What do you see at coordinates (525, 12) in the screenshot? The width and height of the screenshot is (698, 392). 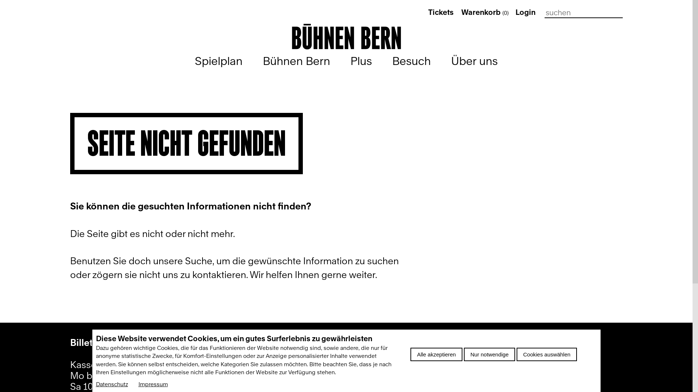 I see `'Login'` at bounding box center [525, 12].